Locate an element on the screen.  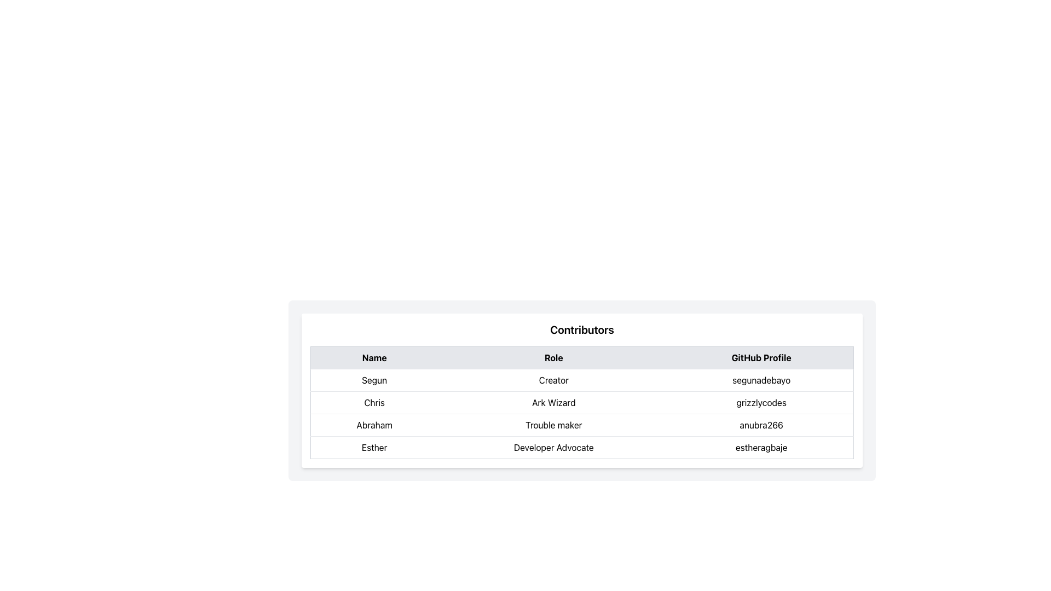
the static text header labeled 'Role', which is styled as a bold header in a light gray-shaded background, positioned between 'Name' and 'GitHub Profile' in the table layout is located at coordinates (553, 358).